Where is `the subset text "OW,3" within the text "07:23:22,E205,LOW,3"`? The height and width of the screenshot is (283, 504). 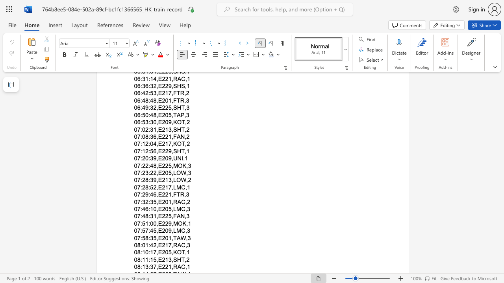 the subset text "OW,3" within the text "07:23:22,E205,LOW,3" is located at coordinates (176, 172).